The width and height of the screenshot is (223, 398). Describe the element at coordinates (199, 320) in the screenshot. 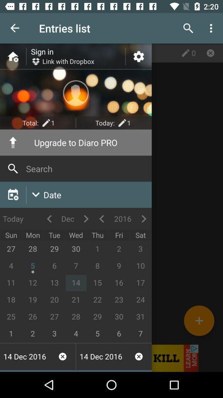

I see `the add icon` at that location.